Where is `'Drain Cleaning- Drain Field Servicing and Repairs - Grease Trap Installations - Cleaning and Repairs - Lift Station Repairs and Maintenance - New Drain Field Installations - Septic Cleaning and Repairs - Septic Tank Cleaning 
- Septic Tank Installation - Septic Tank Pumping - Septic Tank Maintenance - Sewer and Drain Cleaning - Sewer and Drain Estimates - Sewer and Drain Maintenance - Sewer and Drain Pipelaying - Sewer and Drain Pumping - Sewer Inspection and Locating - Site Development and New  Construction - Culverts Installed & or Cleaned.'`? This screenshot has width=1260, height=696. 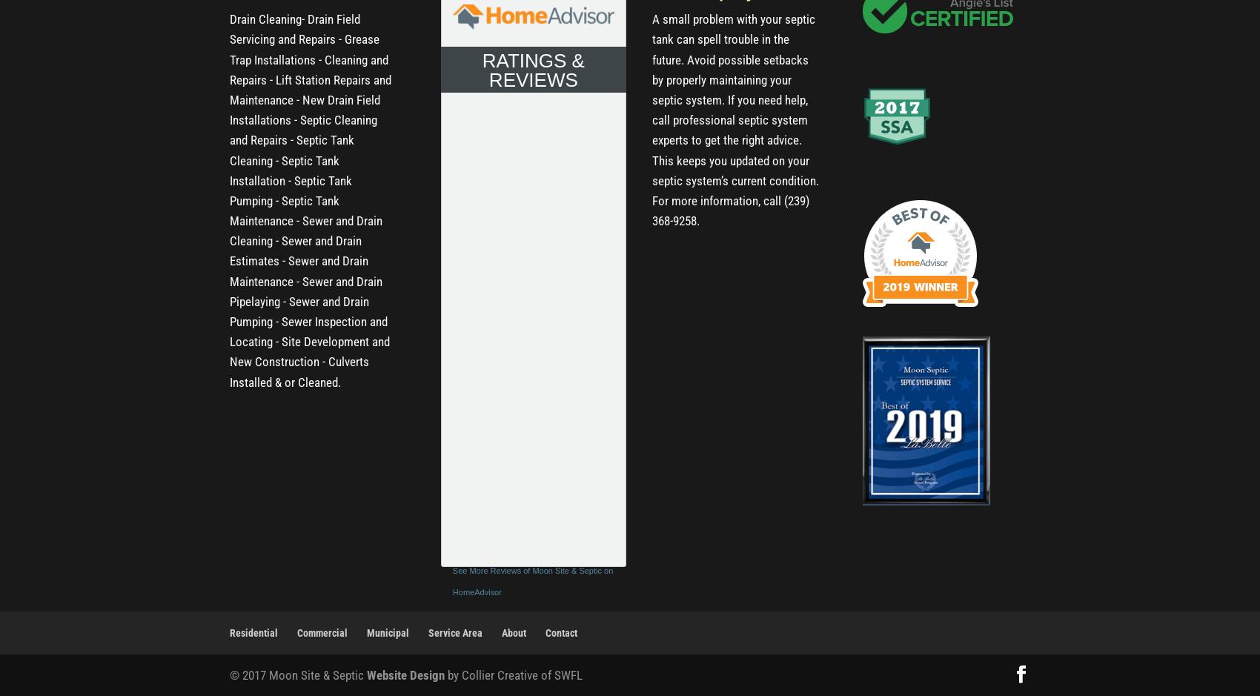 'Drain Cleaning- Drain Field Servicing and Repairs - Grease Trap Installations - Cleaning and Repairs - Lift Station Repairs and Maintenance - New Drain Field Installations - Septic Cleaning and Repairs - Septic Tank Cleaning 
- Septic Tank Installation - Septic Tank Pumping - Septic Tank Maintenance - Sewer and Drain Cleaning - Sewer and Drain Estimates - Sewer and Drain Maintenance - Sewer and Drain Pipelaying - Sewer and Drain Pumping - Sewer Inspection and Locating - Site Development and New  Construction - Culverts Installed & or Cleaned.' is located at coordinates (310, 199).